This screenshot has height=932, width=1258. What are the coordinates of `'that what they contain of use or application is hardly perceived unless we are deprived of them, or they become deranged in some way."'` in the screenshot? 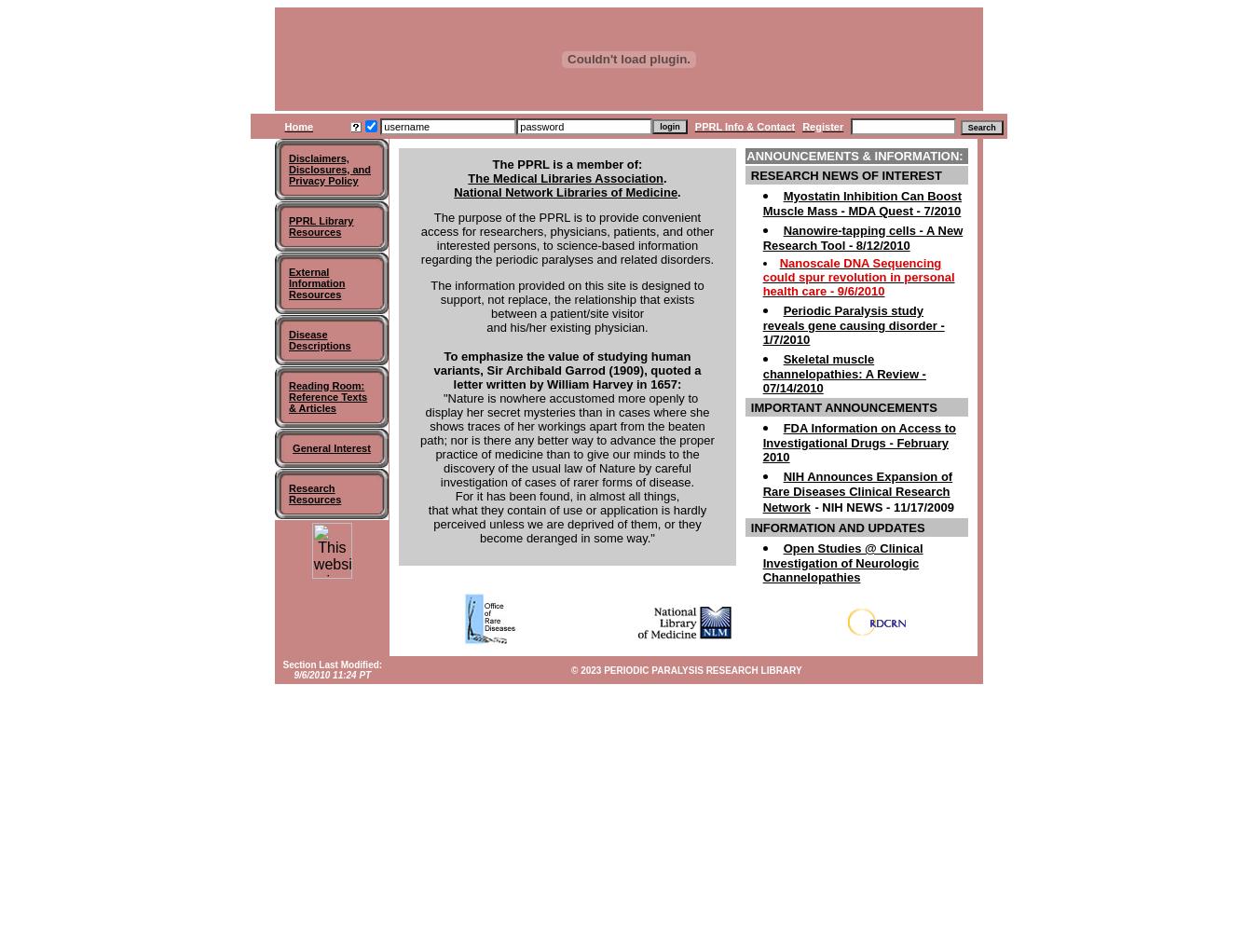 It's located at (567, 524).